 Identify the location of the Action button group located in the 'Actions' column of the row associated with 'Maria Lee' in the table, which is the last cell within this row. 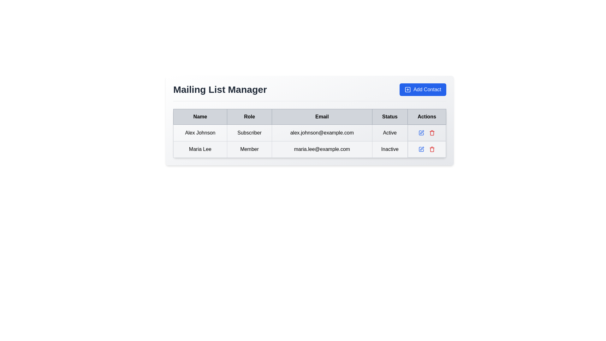
(427, 149).